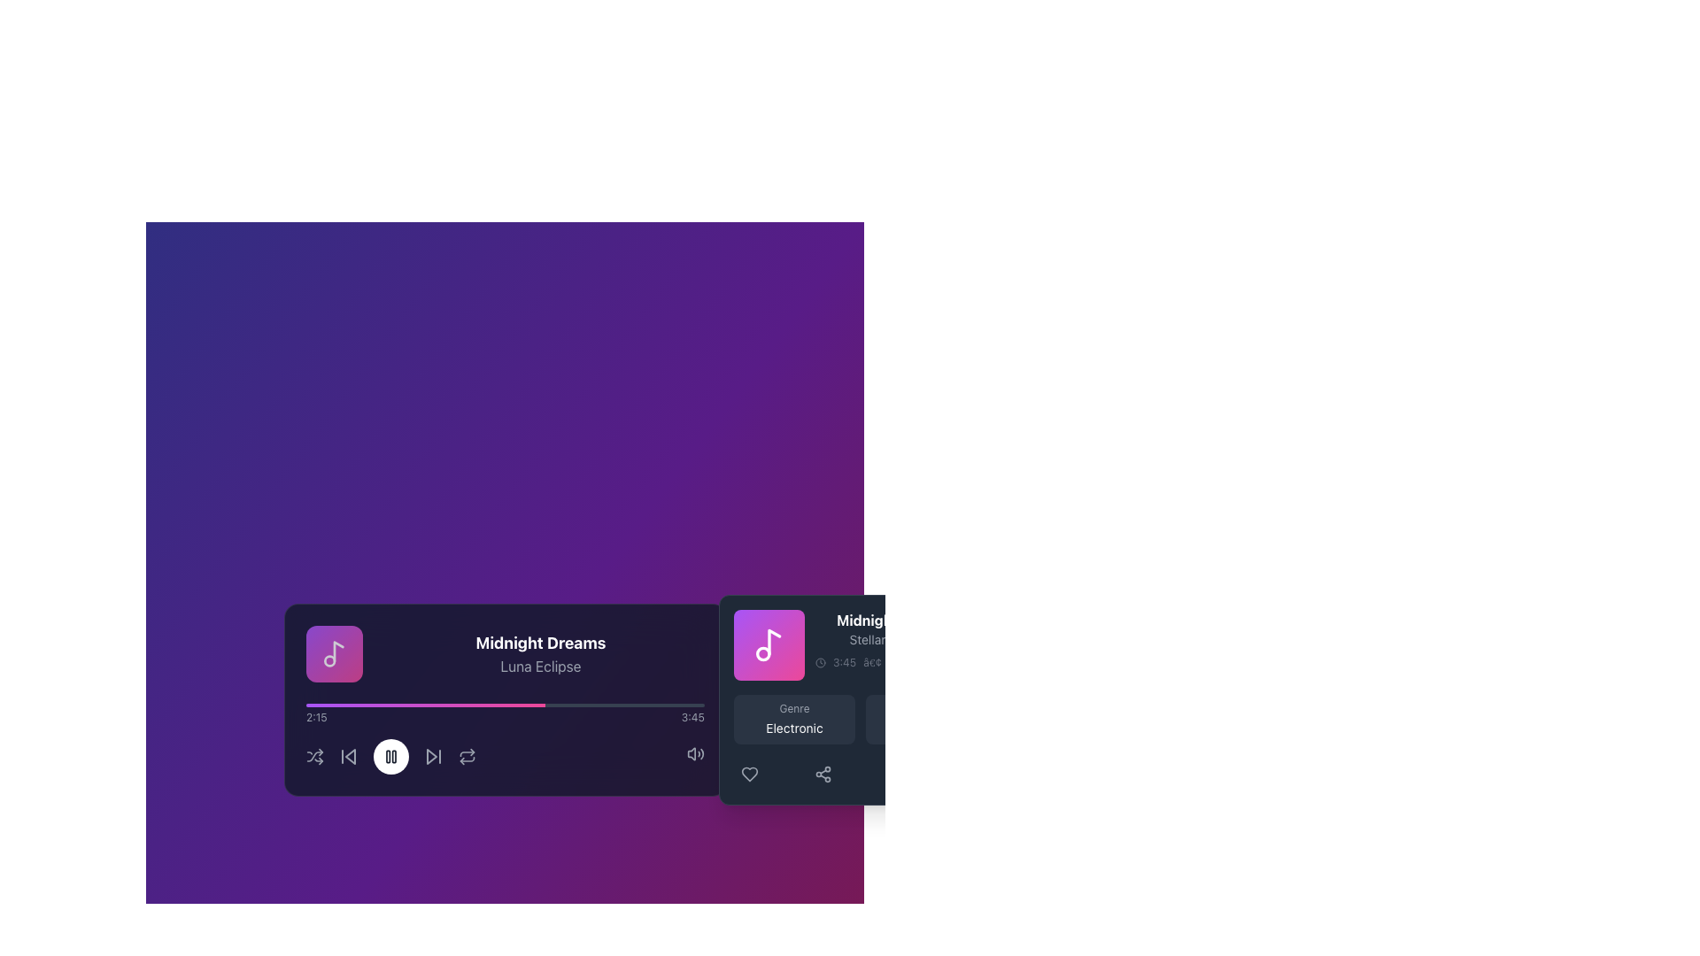 This screenshot has width=1700, height=956. Describe the element at coordinates (314, 757) in the screenshot. I see `the shuffle button located in the bottom control strip of the media player, which is the third control from the left` at that location.